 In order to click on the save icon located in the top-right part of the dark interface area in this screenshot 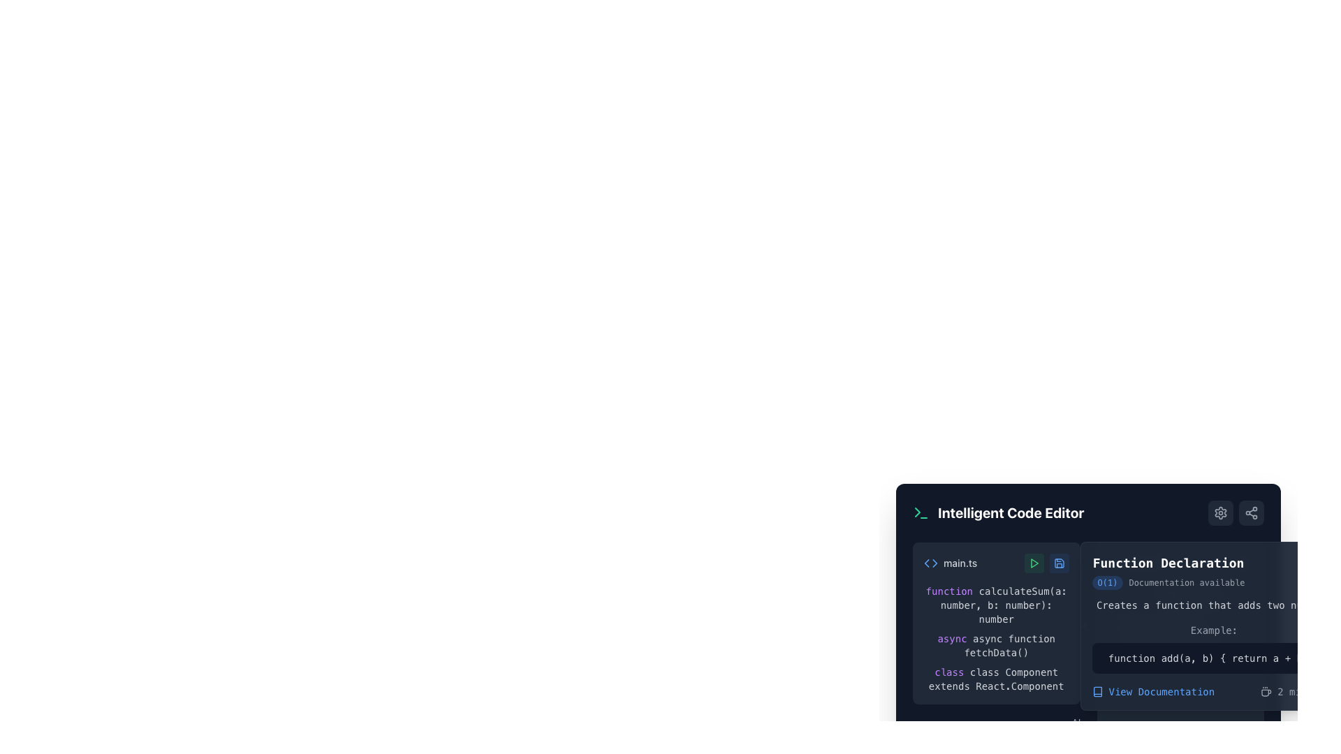, I will do `click(1059, 562)`.